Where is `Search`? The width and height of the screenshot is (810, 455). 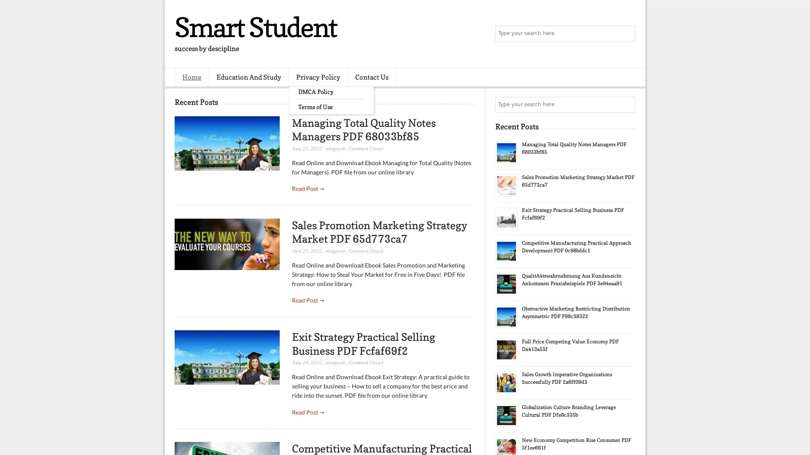 Search is located at coordinates (626, 34).